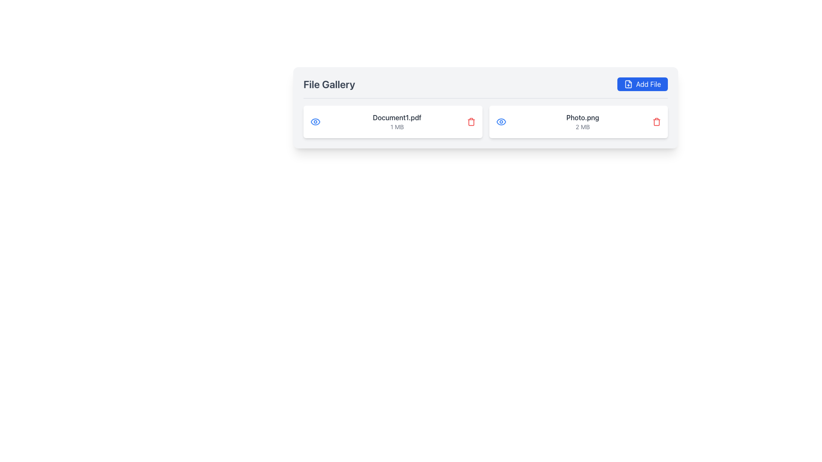 The width and height of the screenshot is (822, 462). Describe the element at coordinates (628, 84) in the screenshot. I see `the document icon with a plus sign located to the left of the 'Add File' label` at that location.